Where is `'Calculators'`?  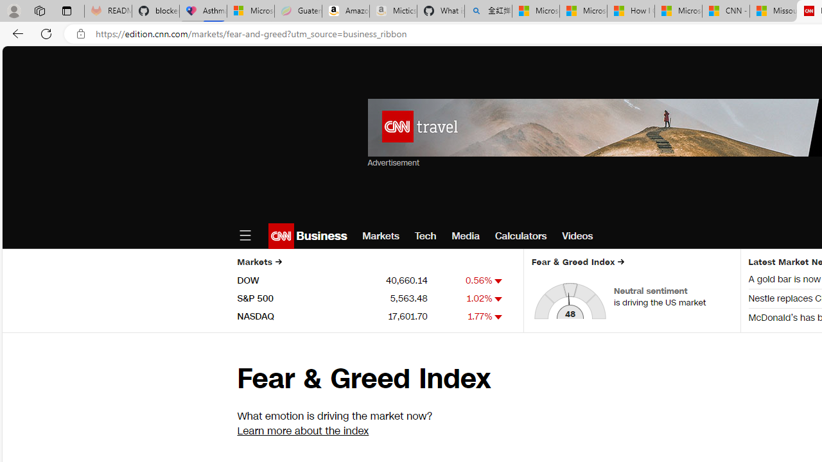 'Calculators' is located at coordinates (521, 235).